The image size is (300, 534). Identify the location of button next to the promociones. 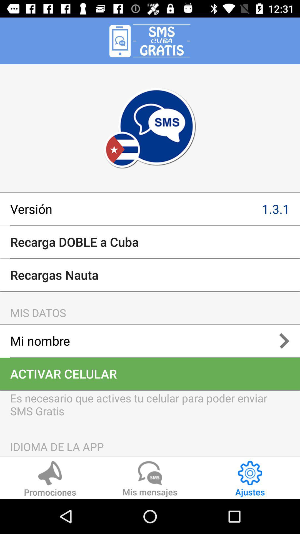
(150, 479).